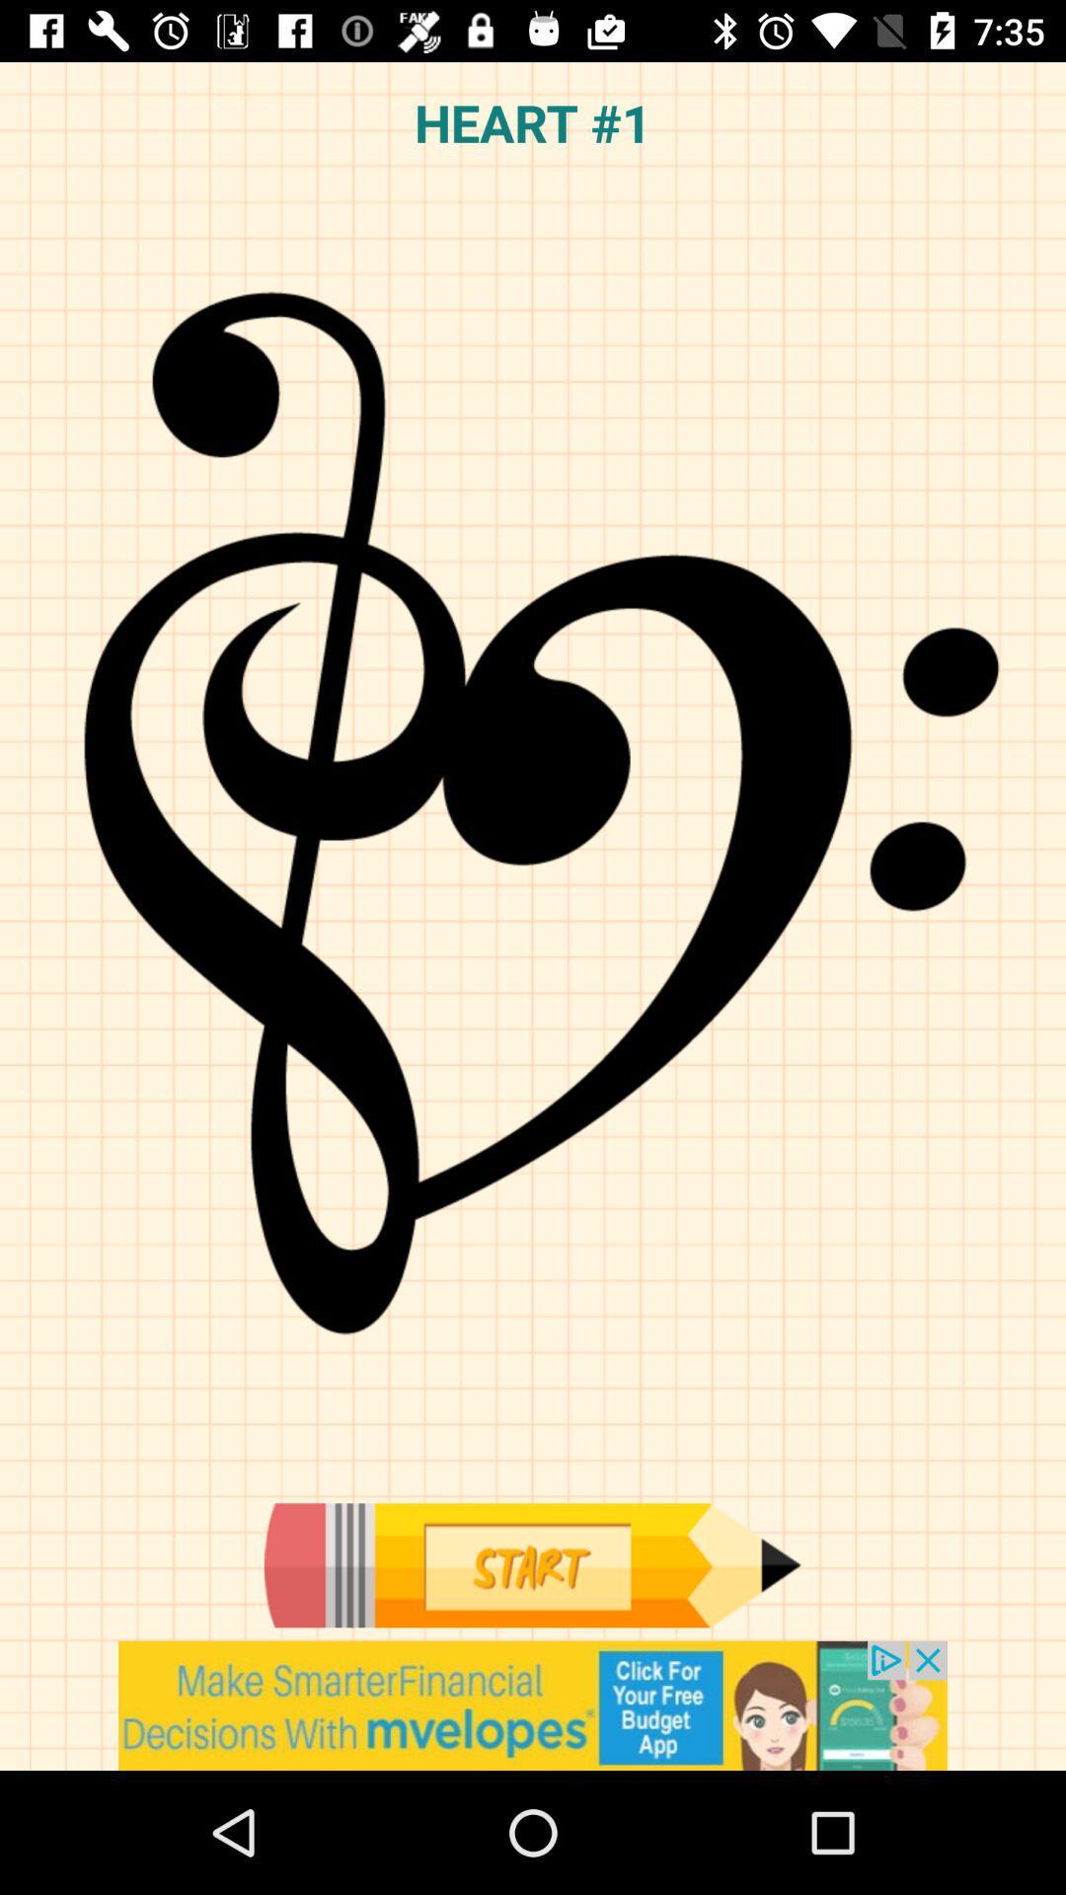 The image size is (1066, 1895). I want to click on advertisement, so click(533, 1705).